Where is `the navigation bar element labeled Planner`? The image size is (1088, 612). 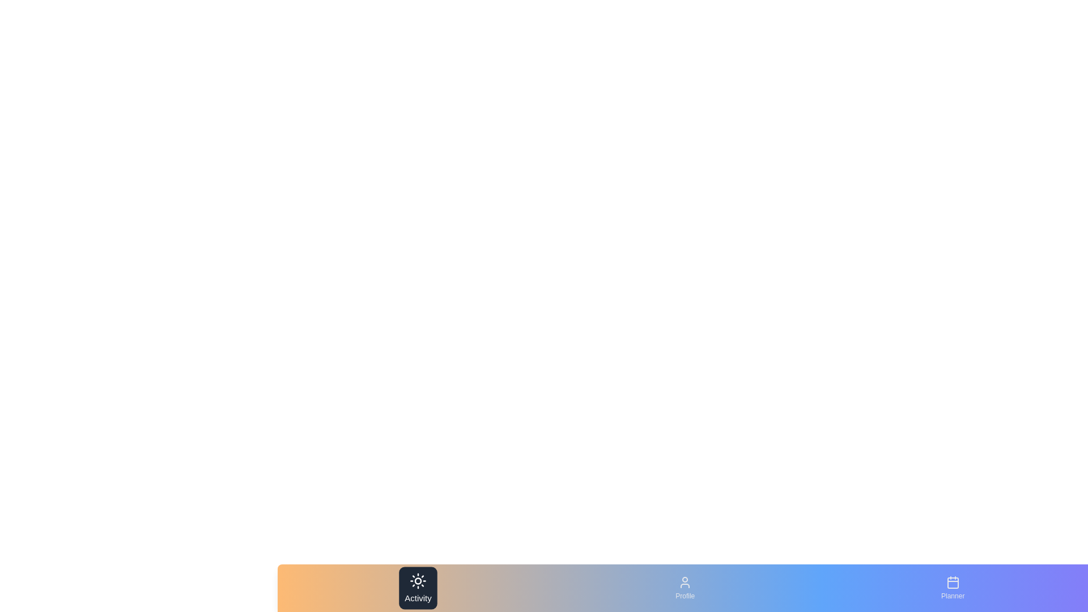 the navigation bar element labeled Planner is located at coordinates (952, 587).